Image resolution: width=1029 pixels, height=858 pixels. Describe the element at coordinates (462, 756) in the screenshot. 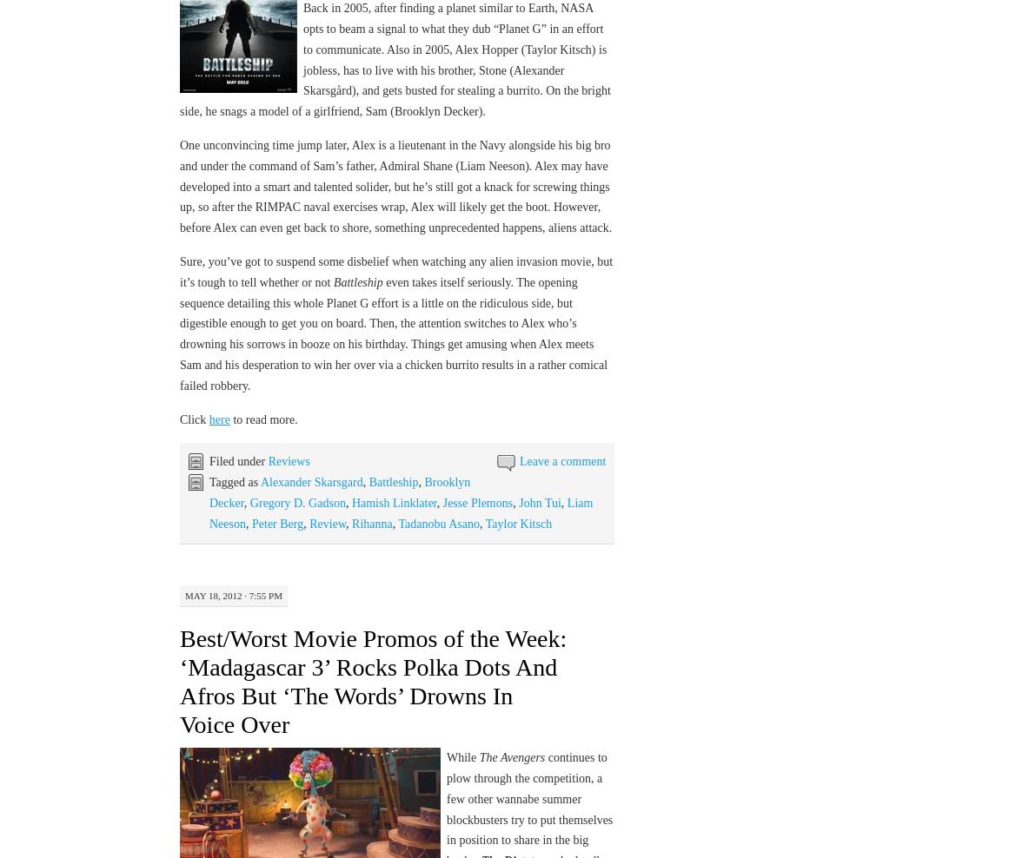

I see `'While'` at that location.